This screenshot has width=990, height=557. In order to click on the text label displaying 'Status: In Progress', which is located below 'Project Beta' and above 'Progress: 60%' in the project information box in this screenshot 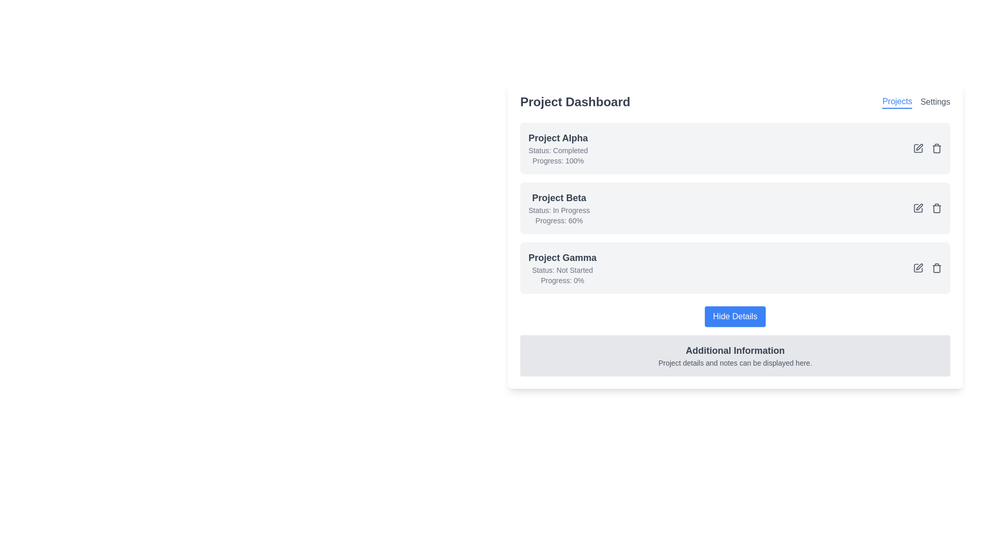, I will do `click(558, 210)`.